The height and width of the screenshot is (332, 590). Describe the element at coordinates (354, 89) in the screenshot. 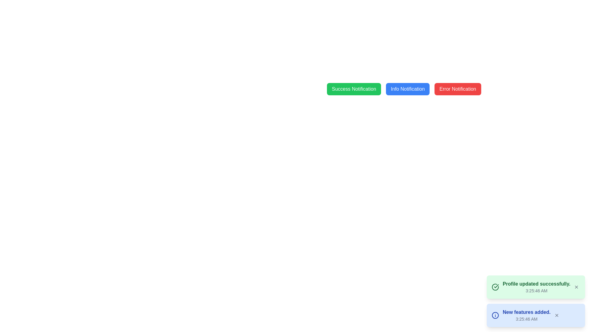

I see `the 'Success Notification' button, which has a green background and is the leftmost in a group of three buttons` at that location.